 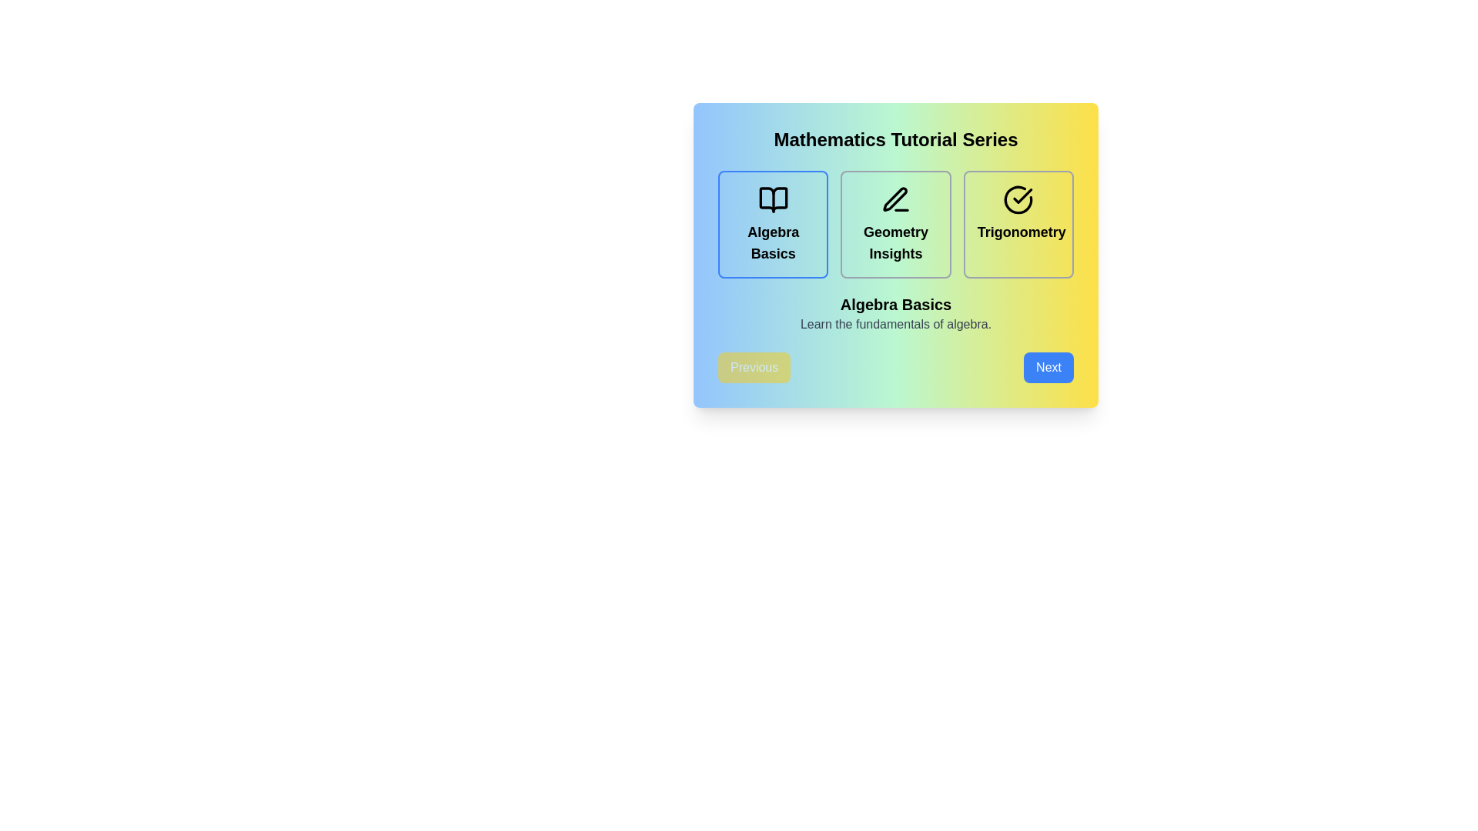 I want to click on the icon associated with the lesson titled Geometry Insights, so click(x=895, y=199).